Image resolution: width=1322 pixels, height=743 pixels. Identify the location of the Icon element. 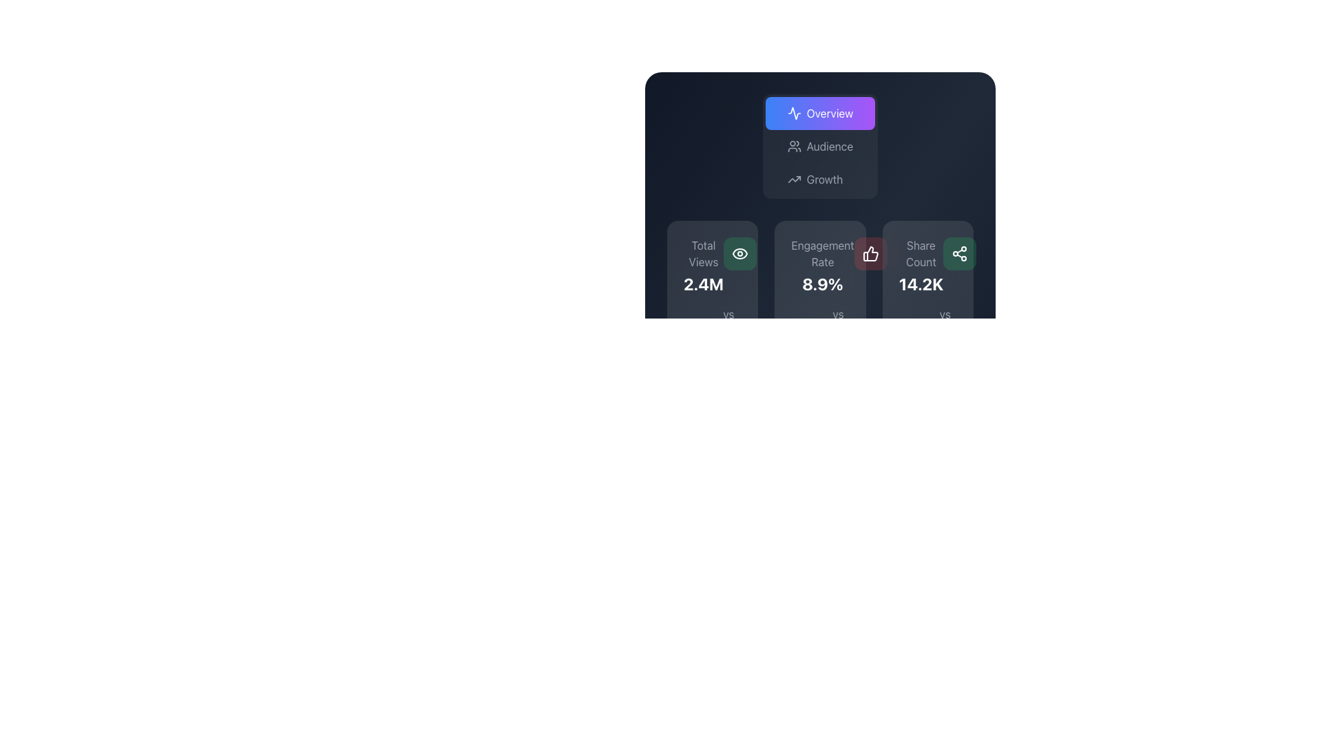
(794, 113).